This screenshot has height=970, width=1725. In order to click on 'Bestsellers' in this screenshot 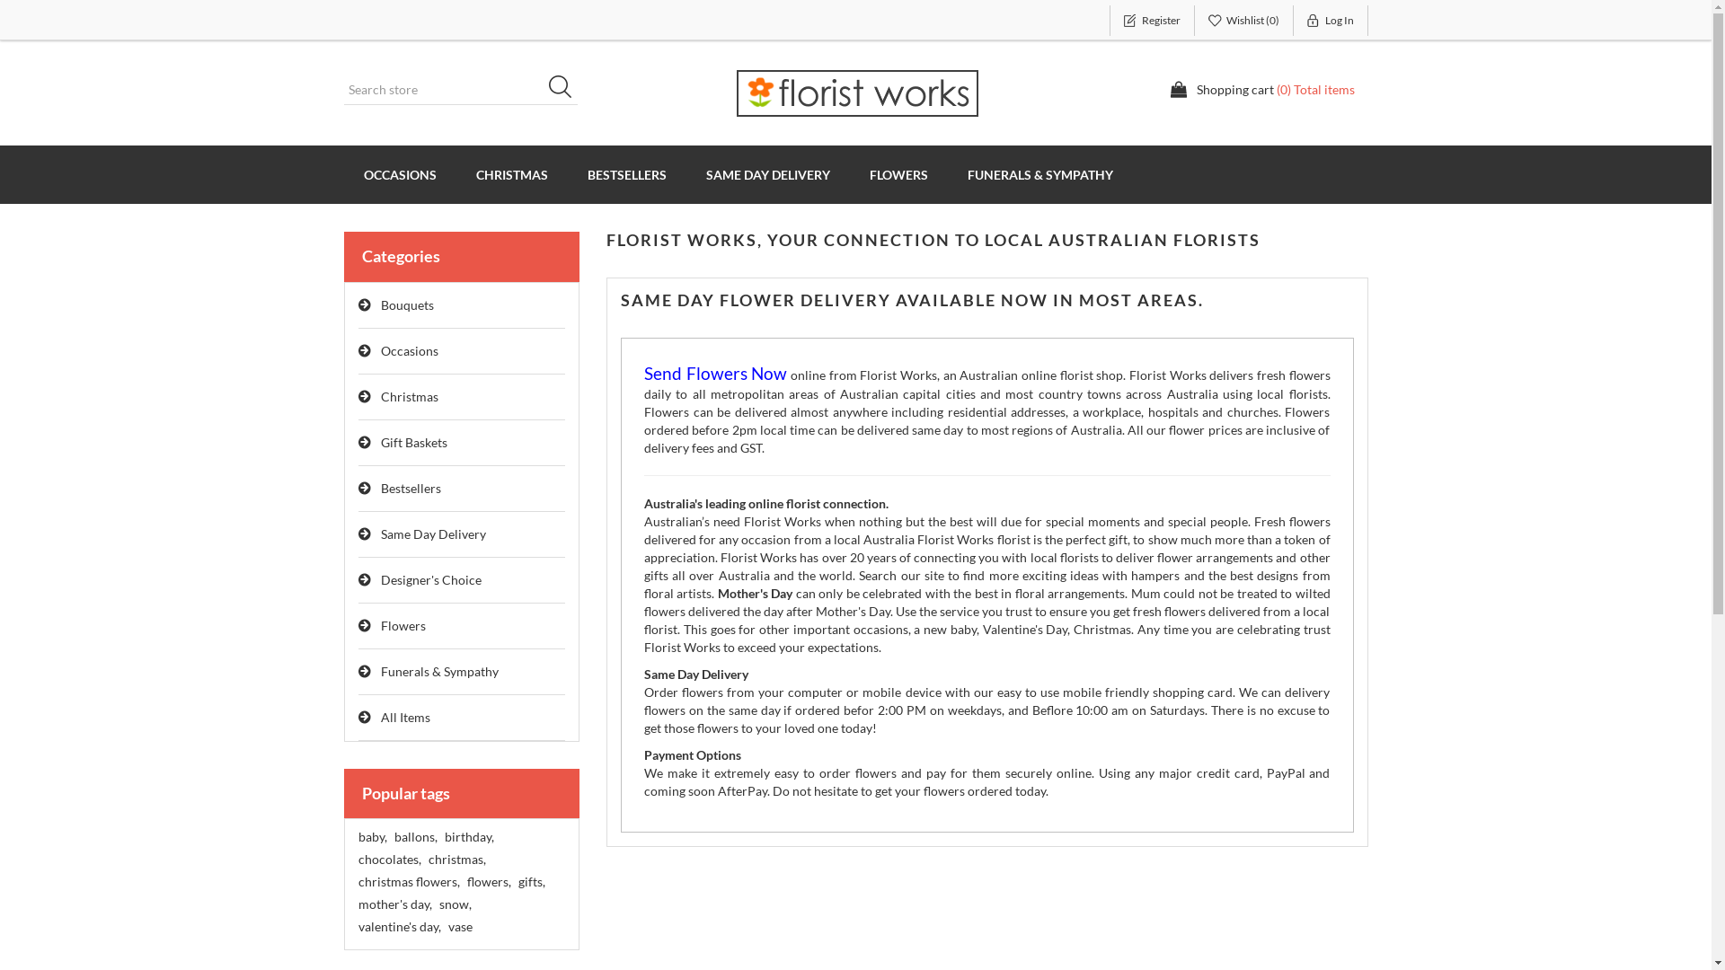, I will do `click(461, 489)`.